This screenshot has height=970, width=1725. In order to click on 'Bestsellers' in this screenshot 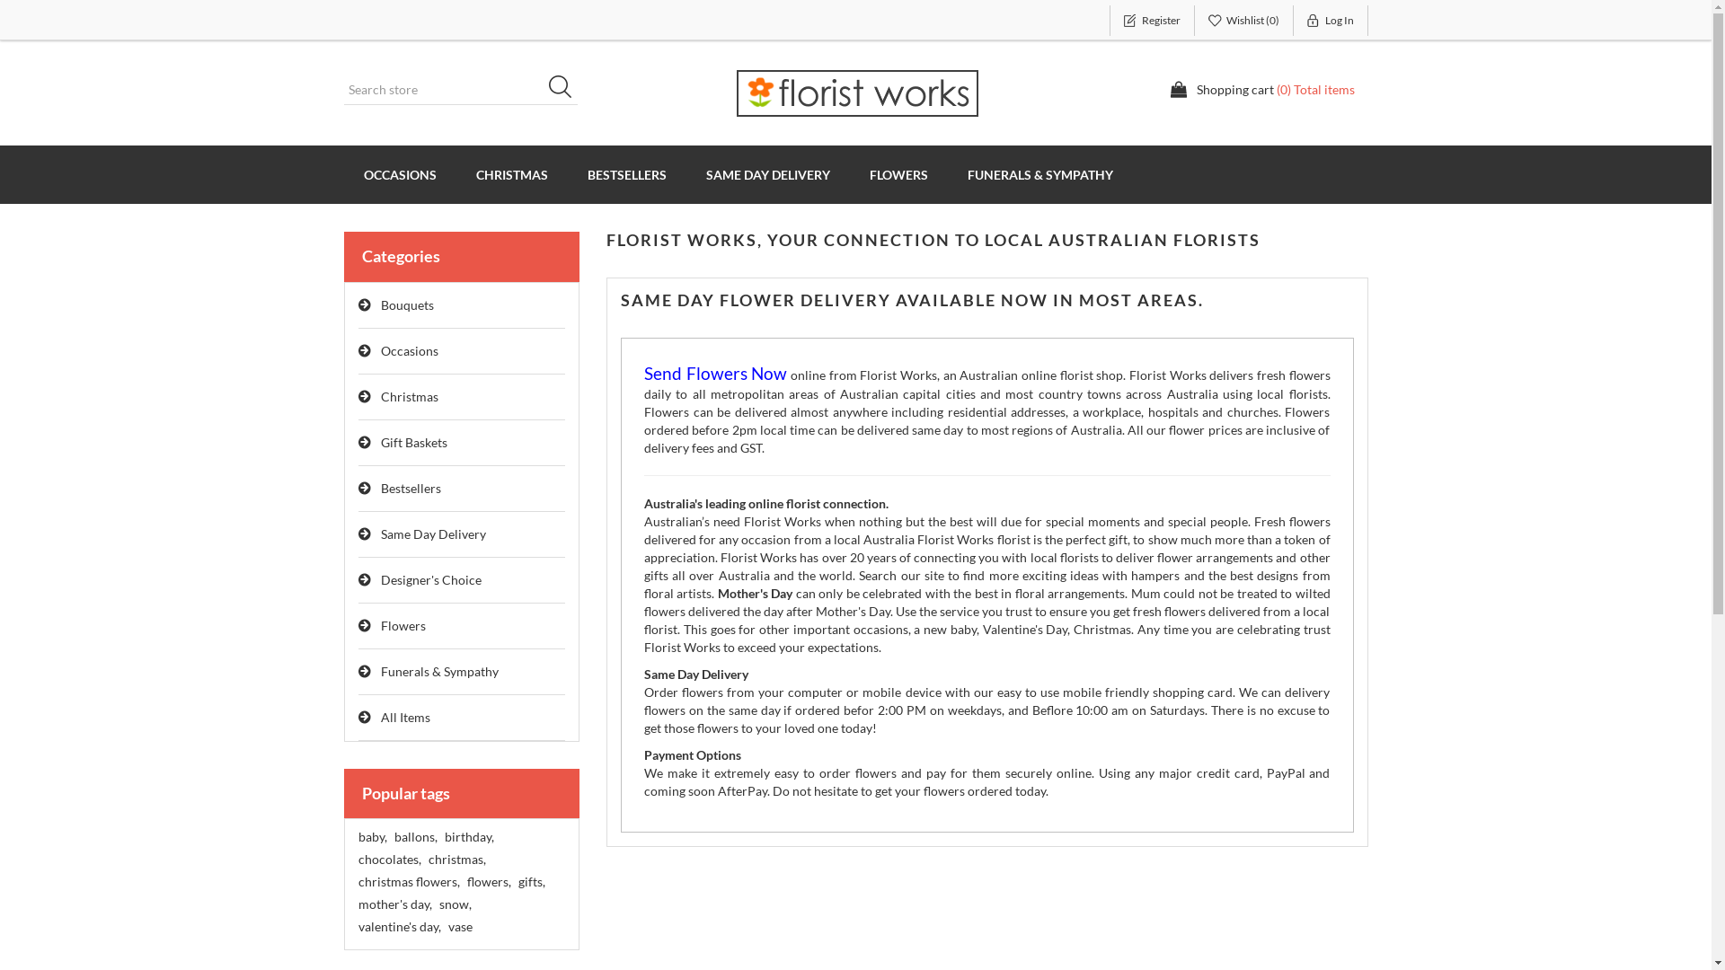, I will do `click(461, 489)`.